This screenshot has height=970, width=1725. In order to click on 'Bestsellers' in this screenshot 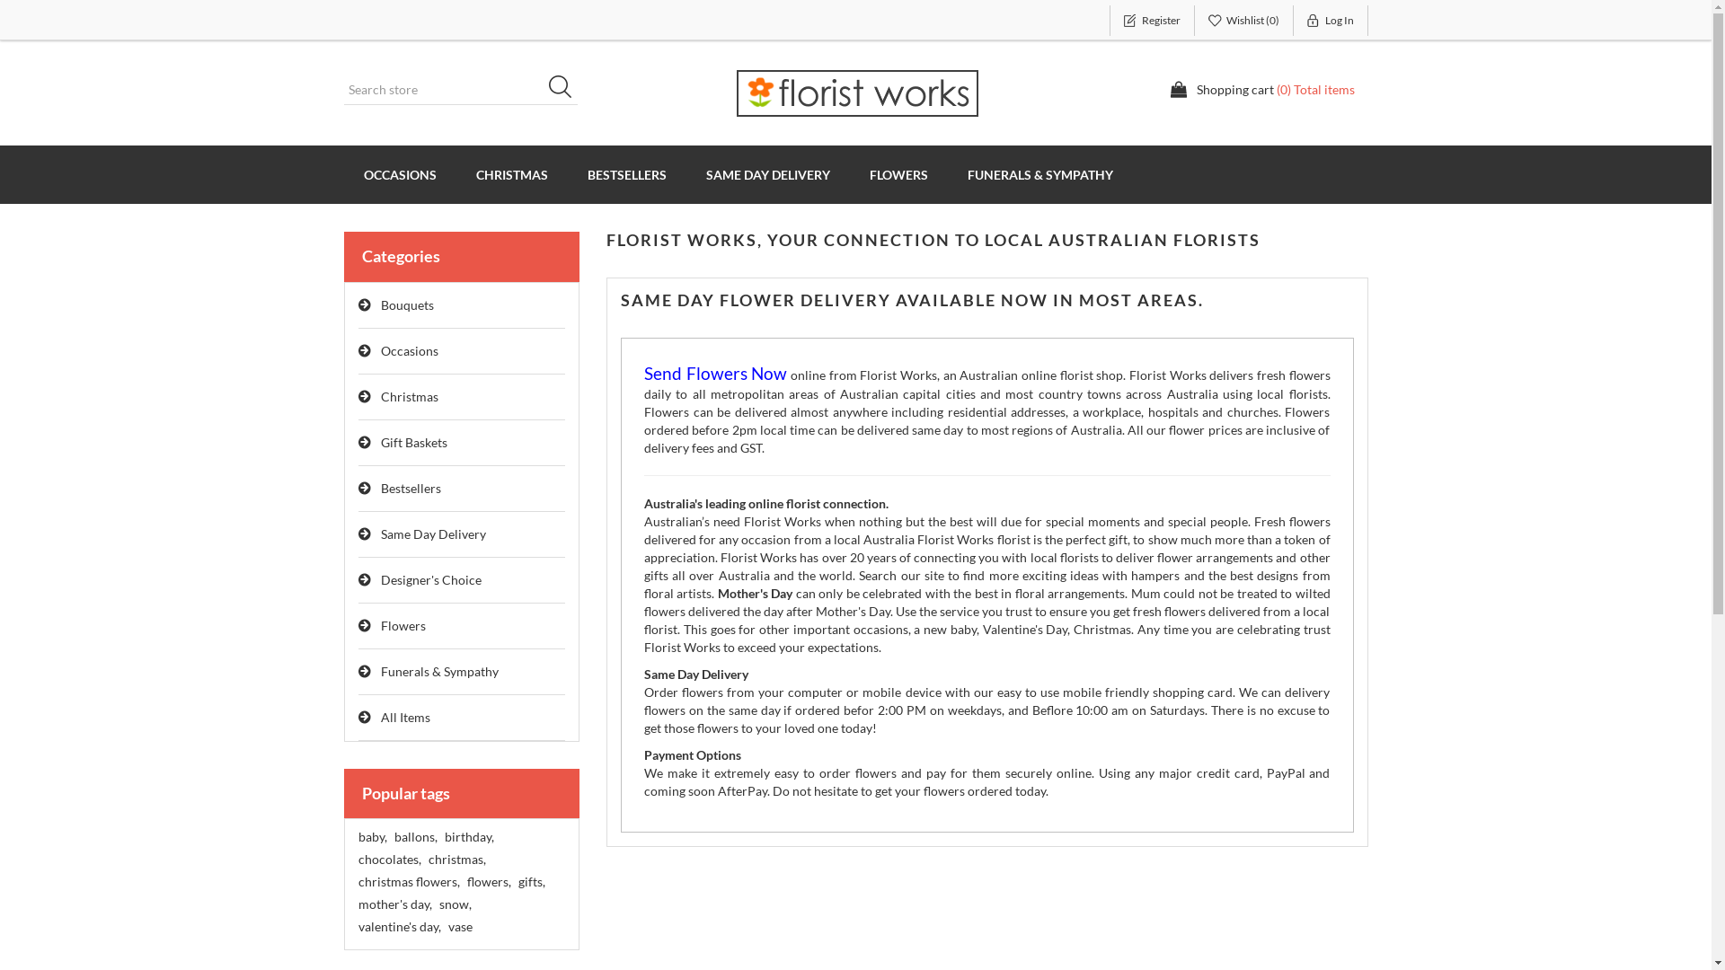, I will do `click(461, 489)`.